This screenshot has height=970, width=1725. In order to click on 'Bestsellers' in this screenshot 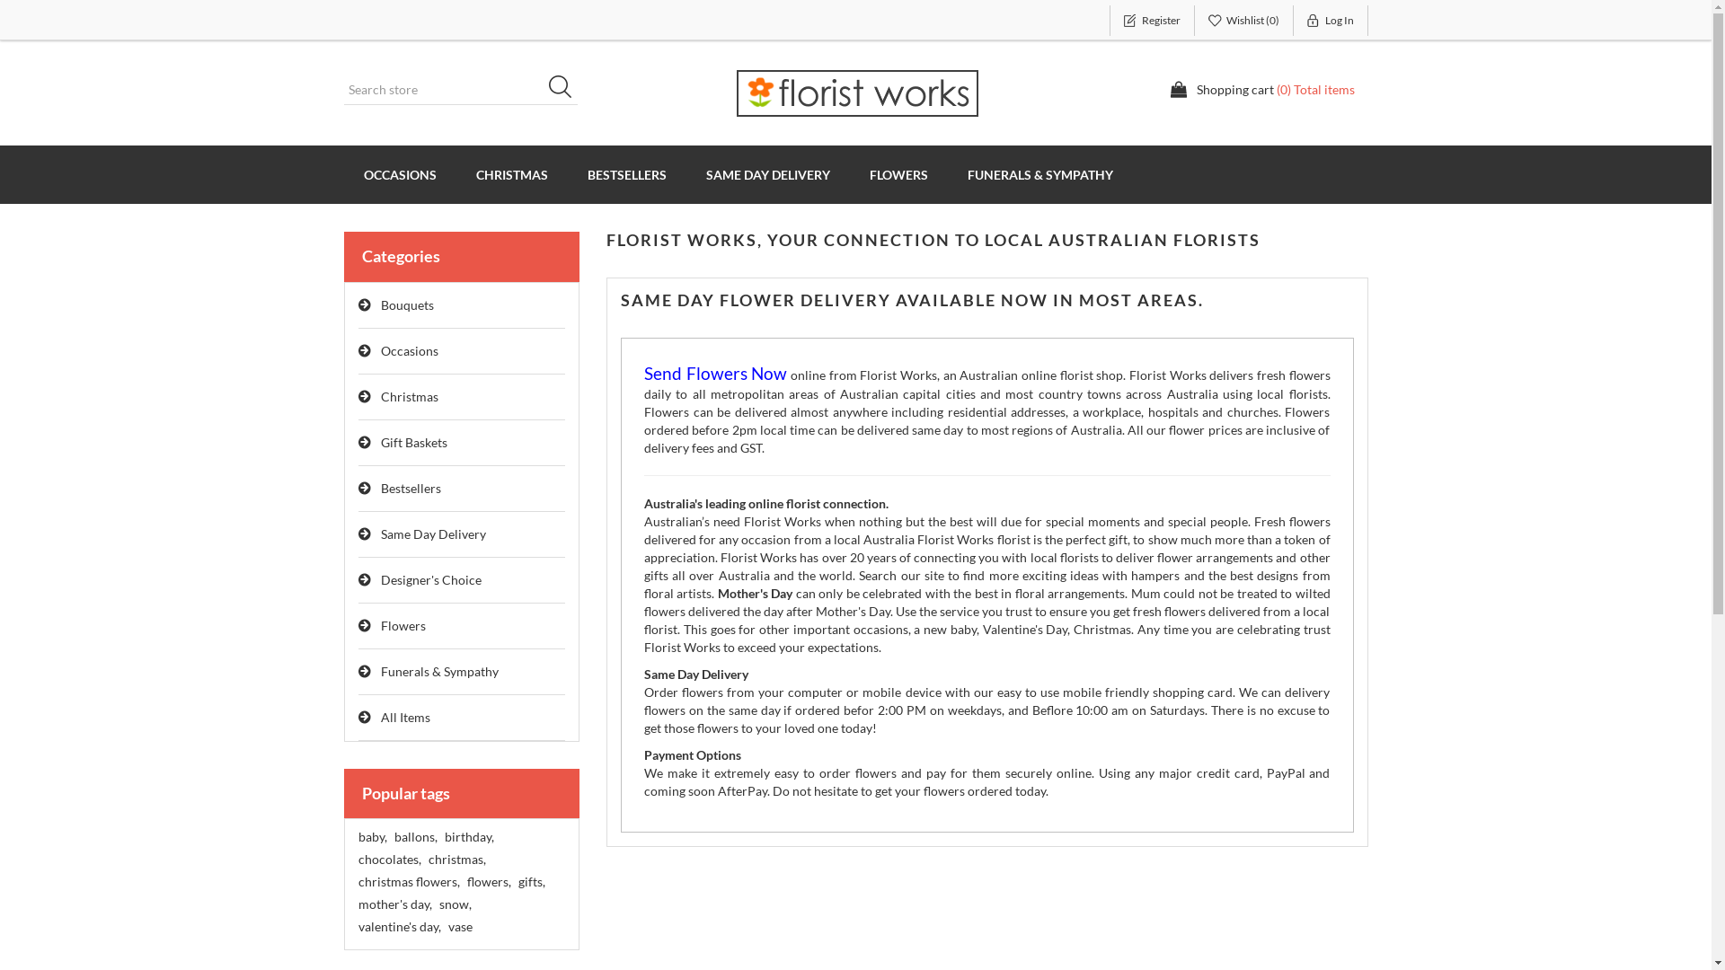, I will do `click(461, 489)`.